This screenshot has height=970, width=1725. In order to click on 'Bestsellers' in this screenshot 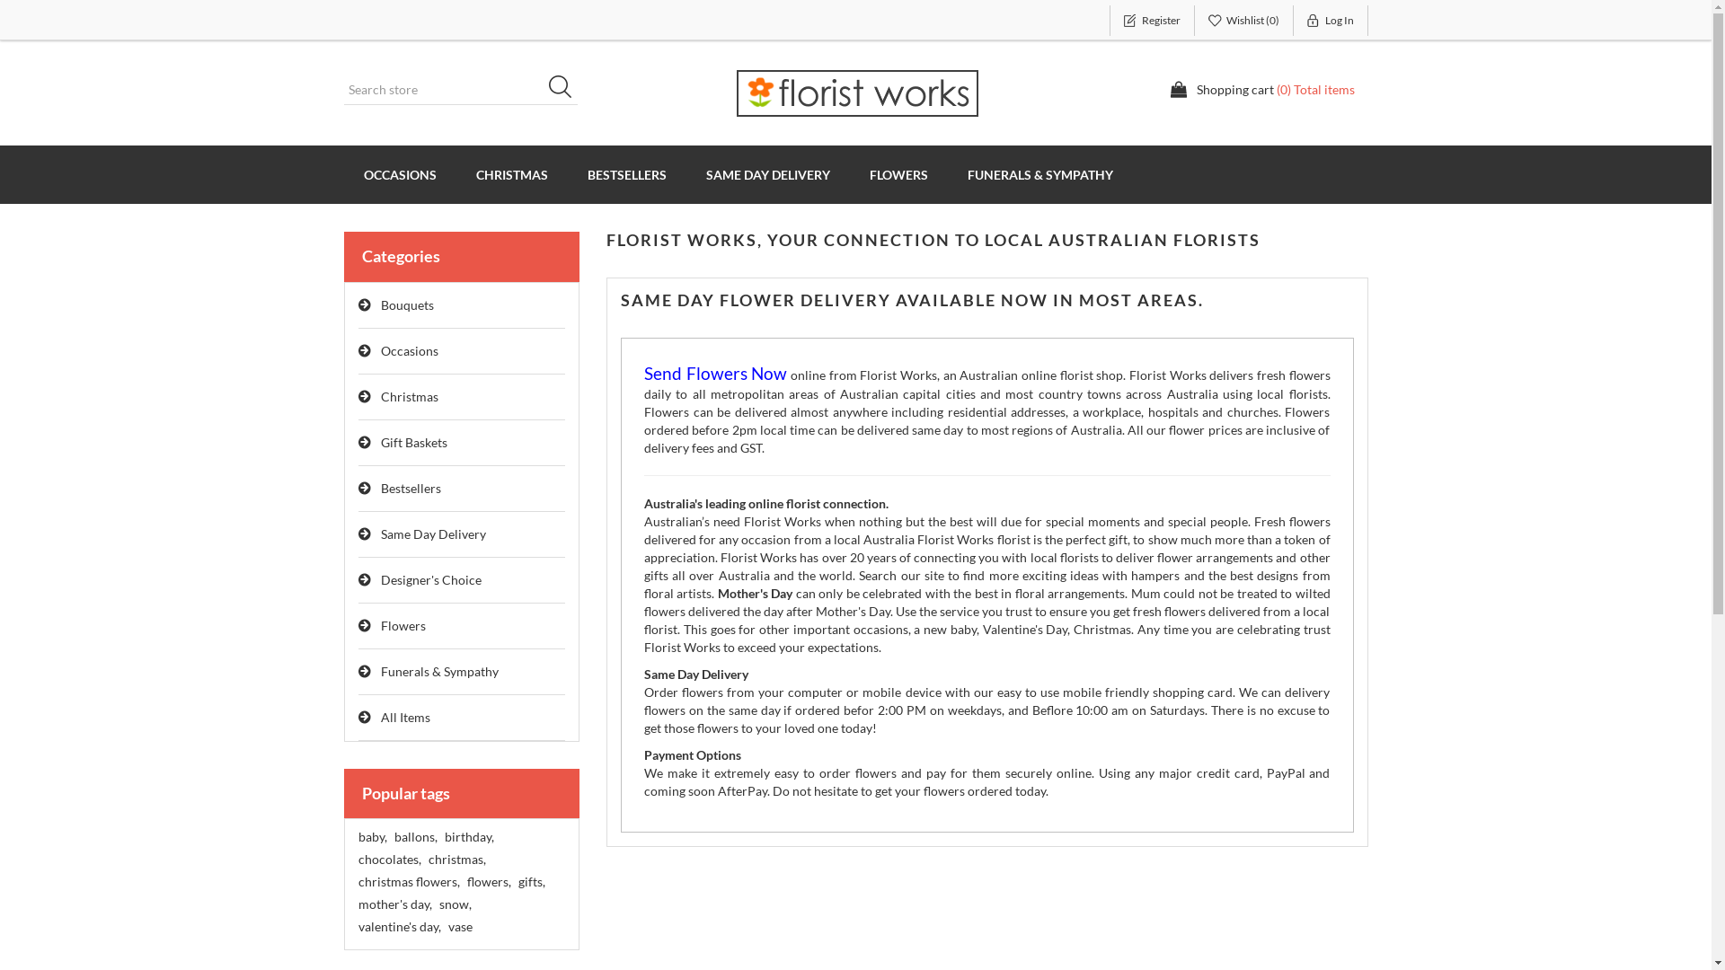, I will do `click(461, 489)`.